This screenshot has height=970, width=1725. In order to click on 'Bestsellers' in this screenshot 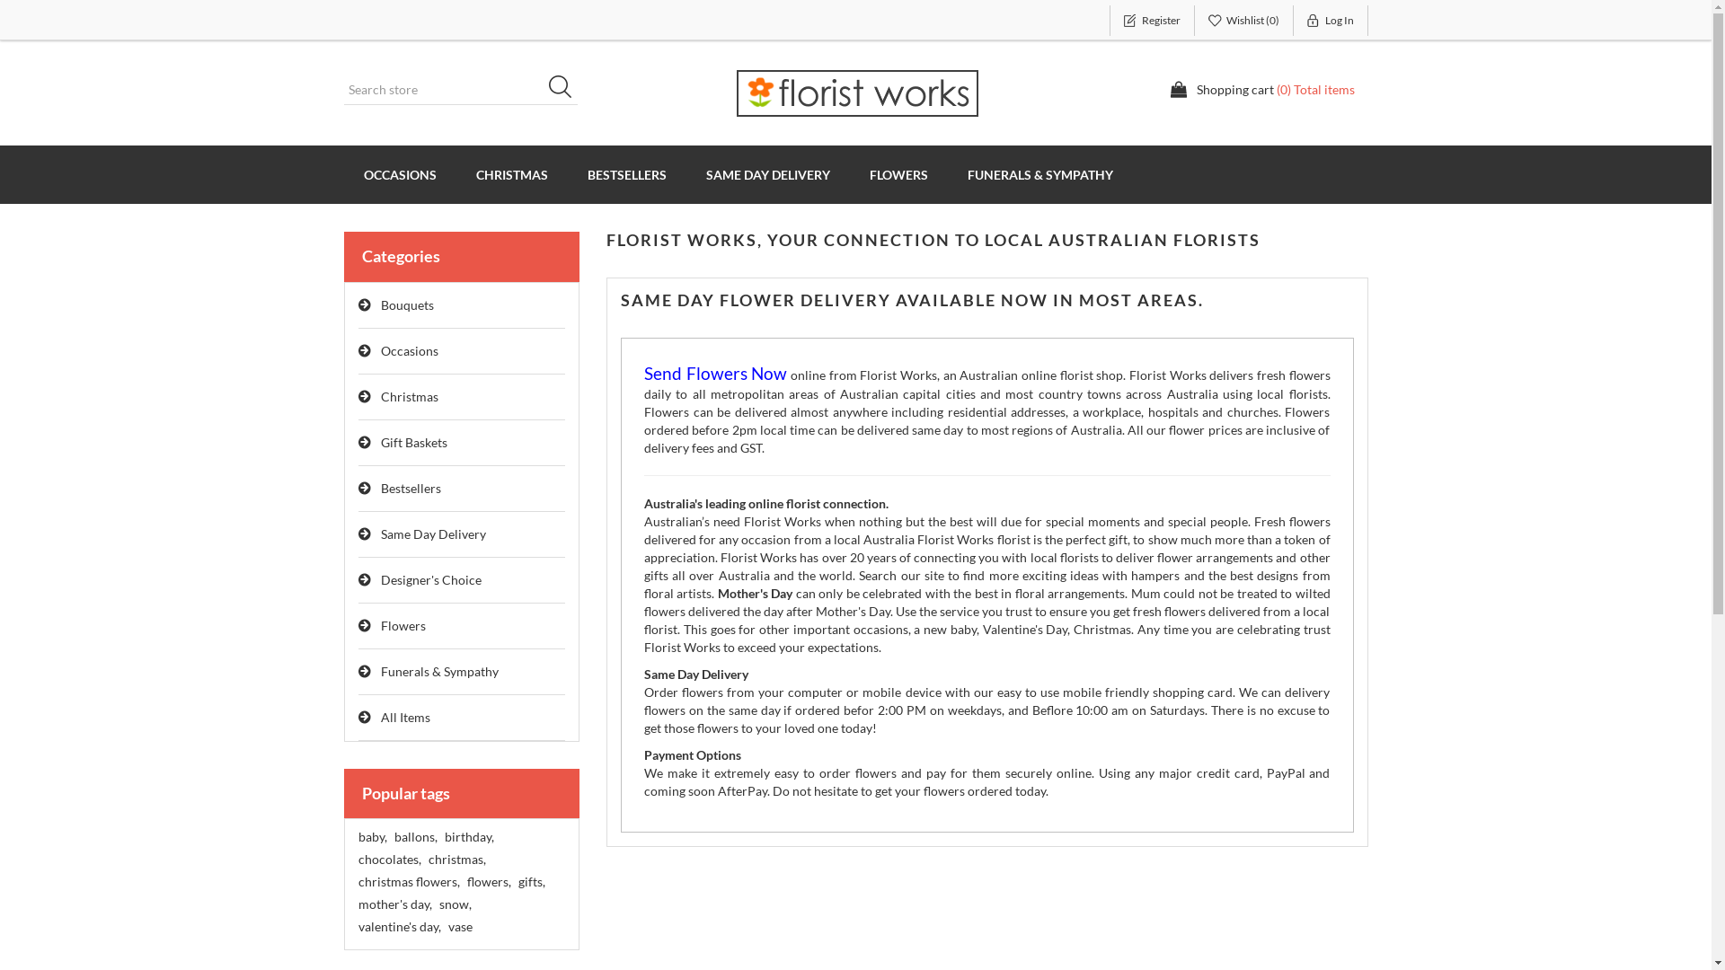, I will do `click(461, 489)`.